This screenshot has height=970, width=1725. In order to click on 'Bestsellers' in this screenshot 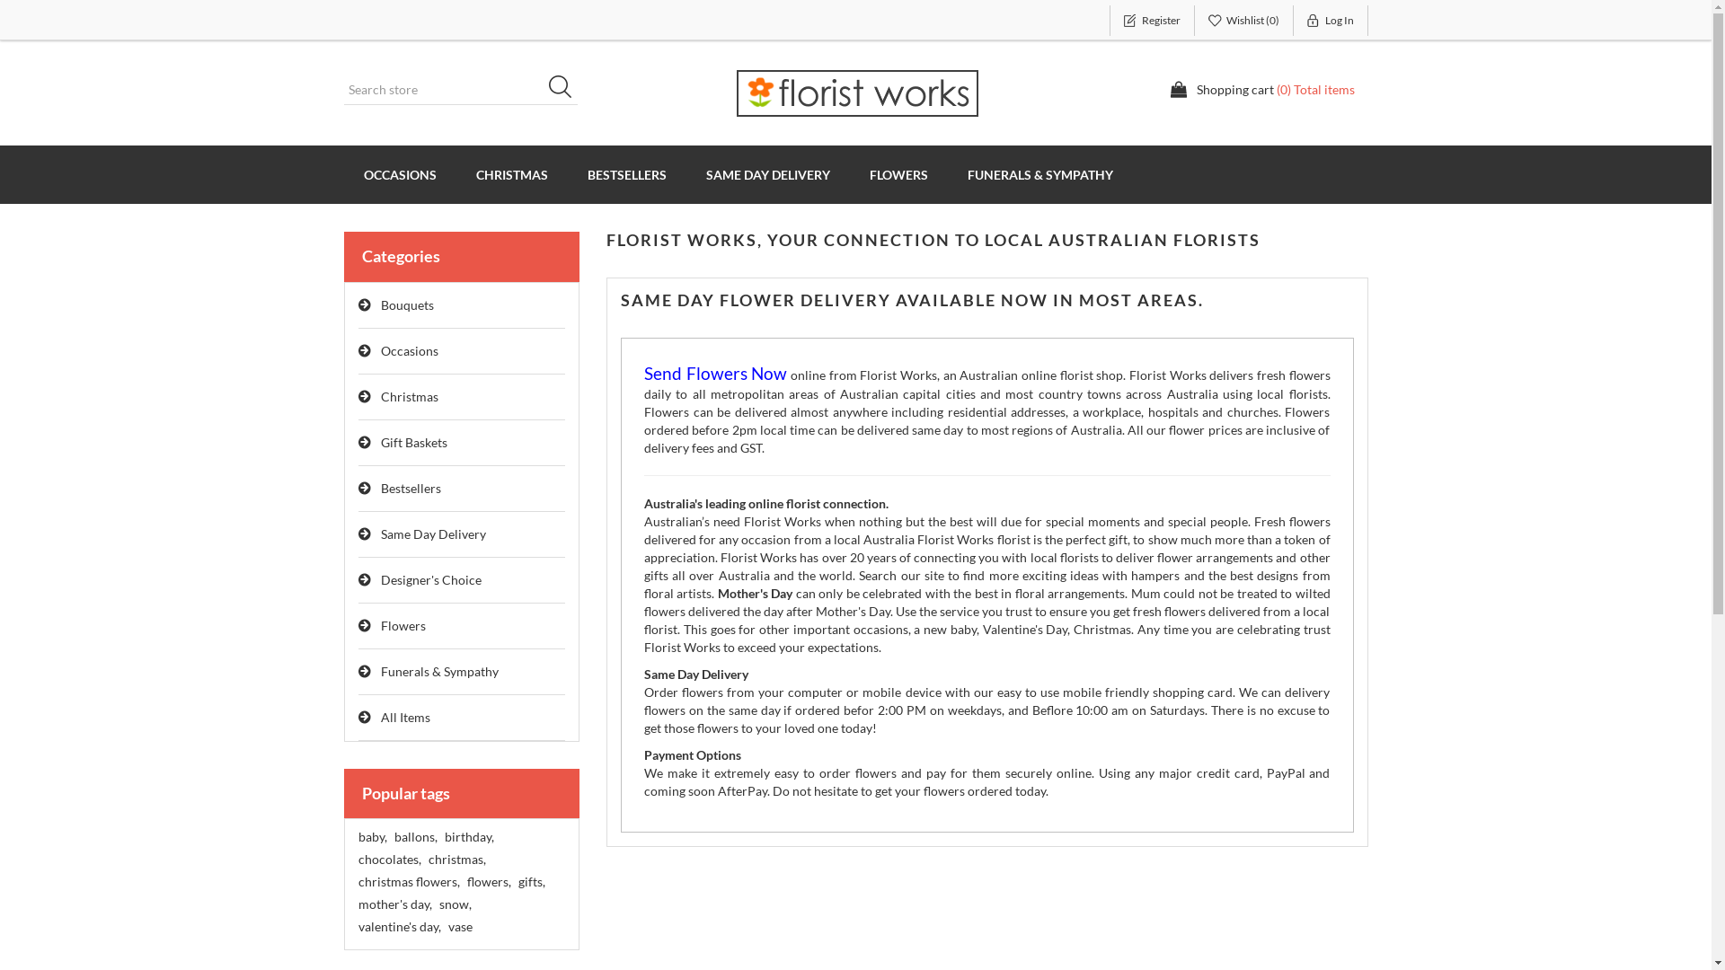, I will do `click(461, 489)`.